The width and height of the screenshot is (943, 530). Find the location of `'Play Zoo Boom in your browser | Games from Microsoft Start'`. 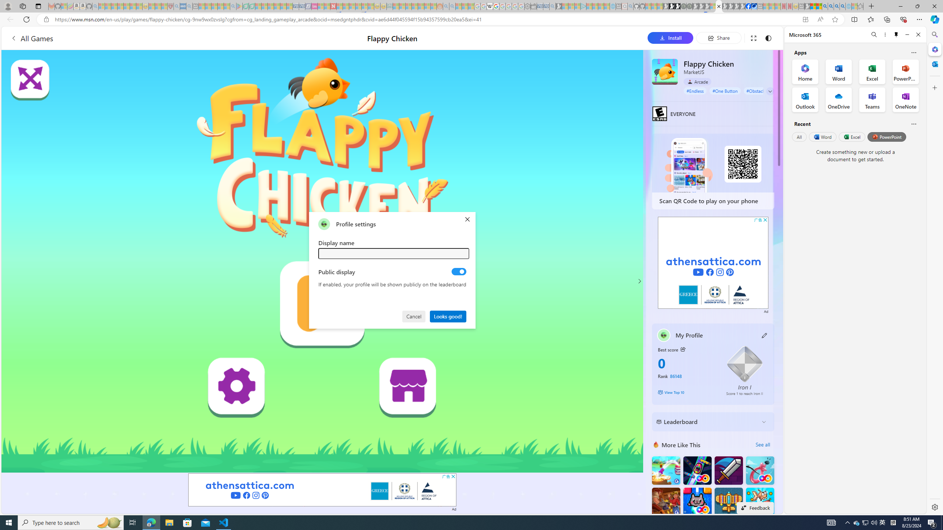

'Play Zoo Boom in your browser | Games from Microsoft Start' is located at coordinates (672, 6).